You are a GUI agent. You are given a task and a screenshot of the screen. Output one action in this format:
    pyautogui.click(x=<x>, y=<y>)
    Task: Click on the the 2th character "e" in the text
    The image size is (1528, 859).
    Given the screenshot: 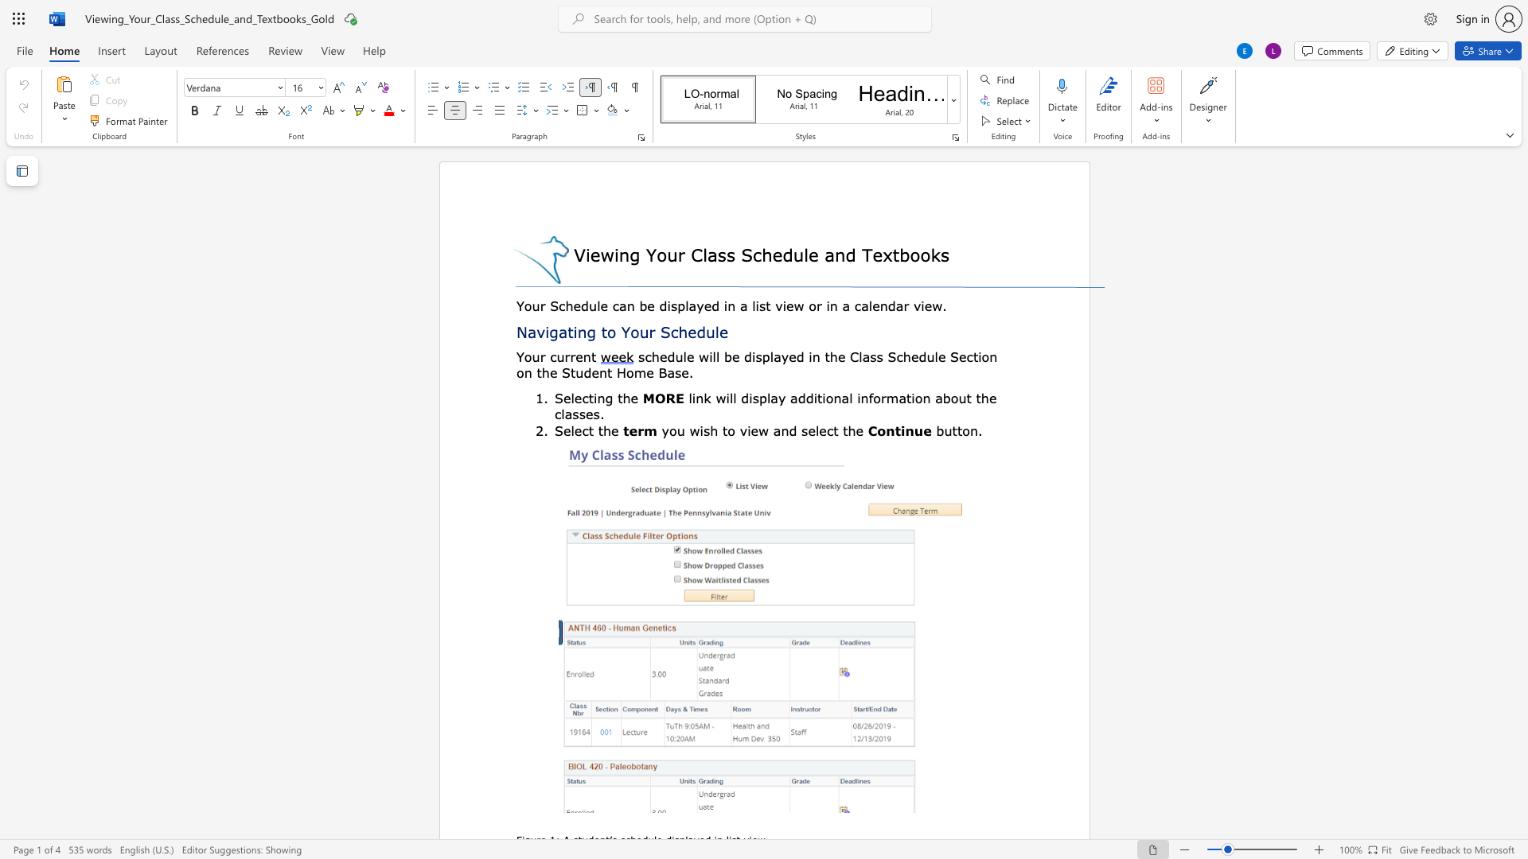 What is the action you would take?
    pyautogui.click(x=577, y=397)
    